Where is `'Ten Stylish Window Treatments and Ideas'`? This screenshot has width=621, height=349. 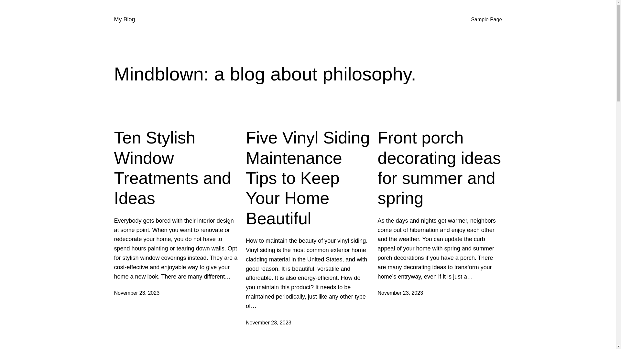 'Ten Stylish Window Treatments and Ideas' is located at coordinates (176, 168).